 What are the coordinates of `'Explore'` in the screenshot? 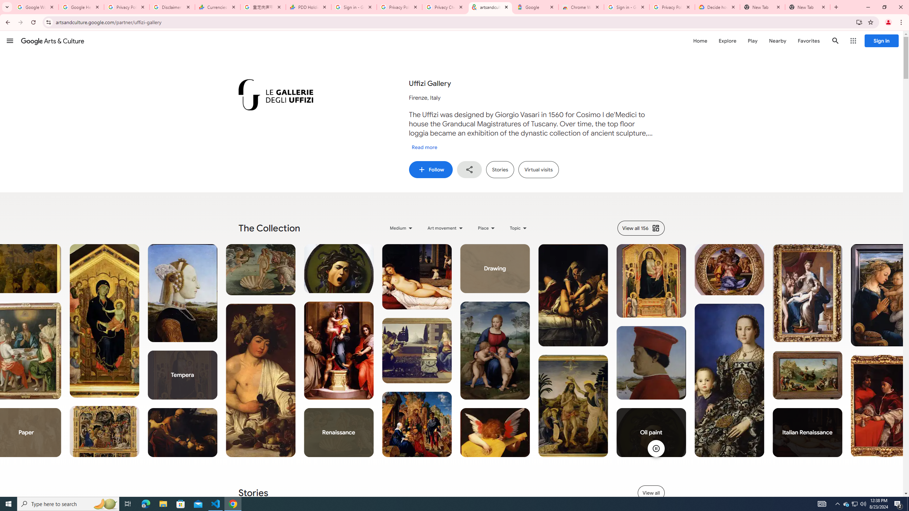 It's located at (727, 40).